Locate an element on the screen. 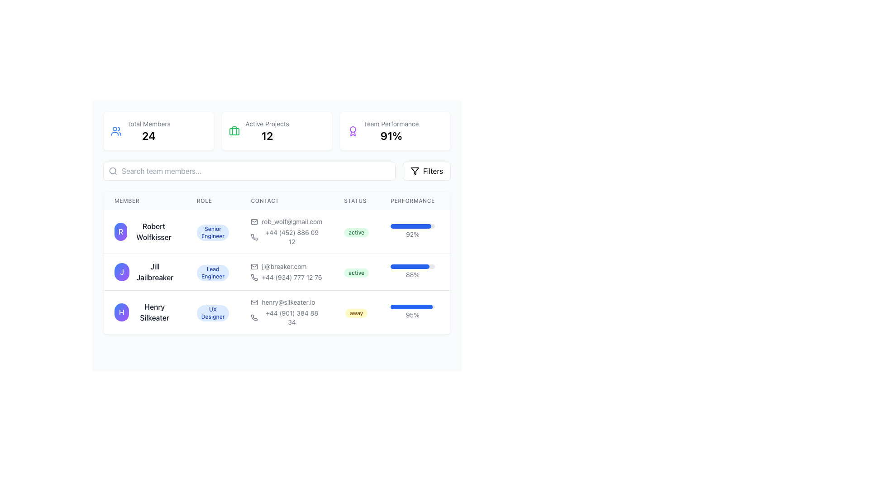 This screenshot has width=869, height=489. the filter icon, which is a small funnel shape with a black stroke outline, located within the 'Filters' button on the right side of the search bar is located at coordinates (414, 171).